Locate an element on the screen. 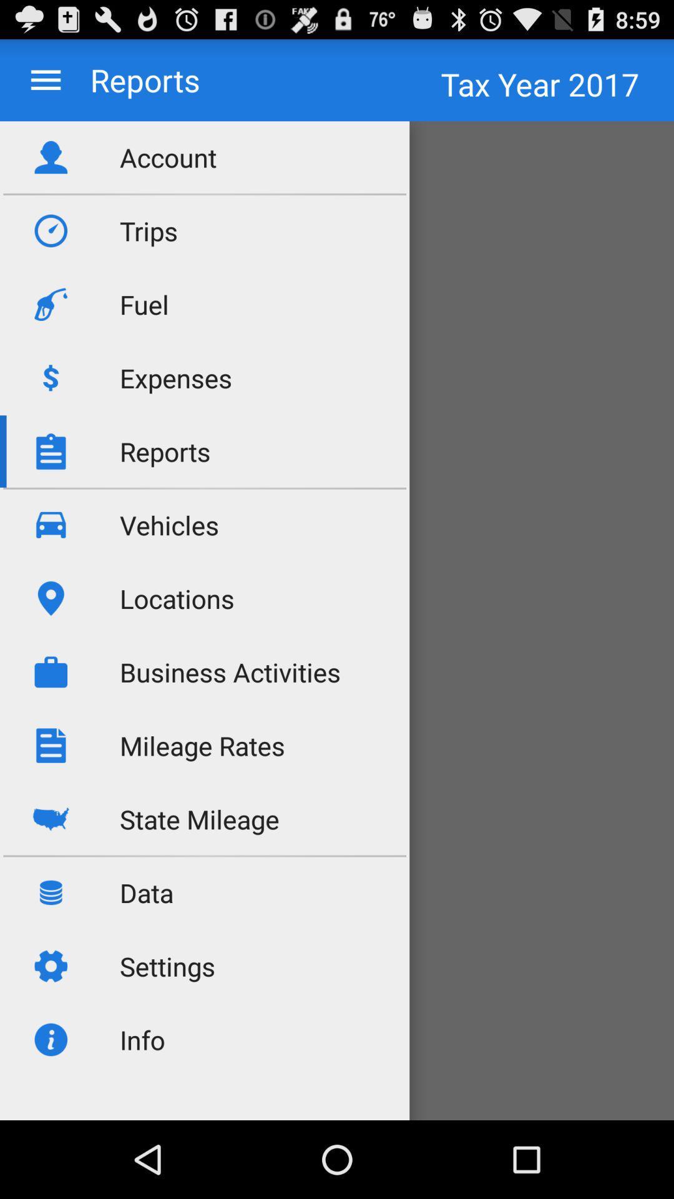  the icon next to the reports app is located at coordinates (45, 79).